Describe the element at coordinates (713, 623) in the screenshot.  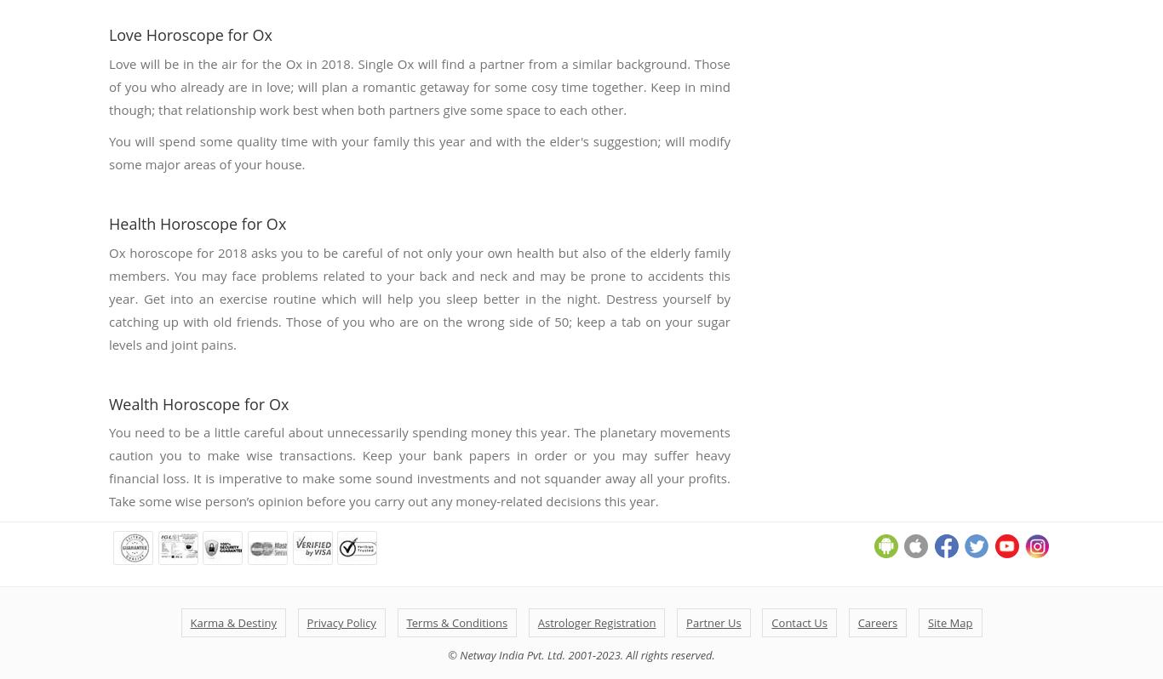
I see `'Partner Us'` at that location.